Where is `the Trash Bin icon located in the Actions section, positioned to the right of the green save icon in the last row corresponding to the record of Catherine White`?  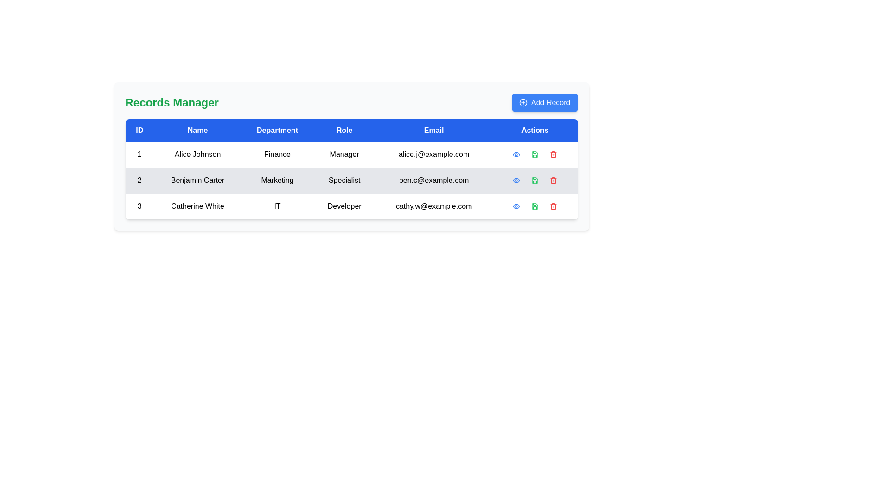
the Trash Bin icon located in the Actions section, positioned to the right of the green save icon in the last row corresponding to the record of Catherine White is located at coordinates (553, 206).